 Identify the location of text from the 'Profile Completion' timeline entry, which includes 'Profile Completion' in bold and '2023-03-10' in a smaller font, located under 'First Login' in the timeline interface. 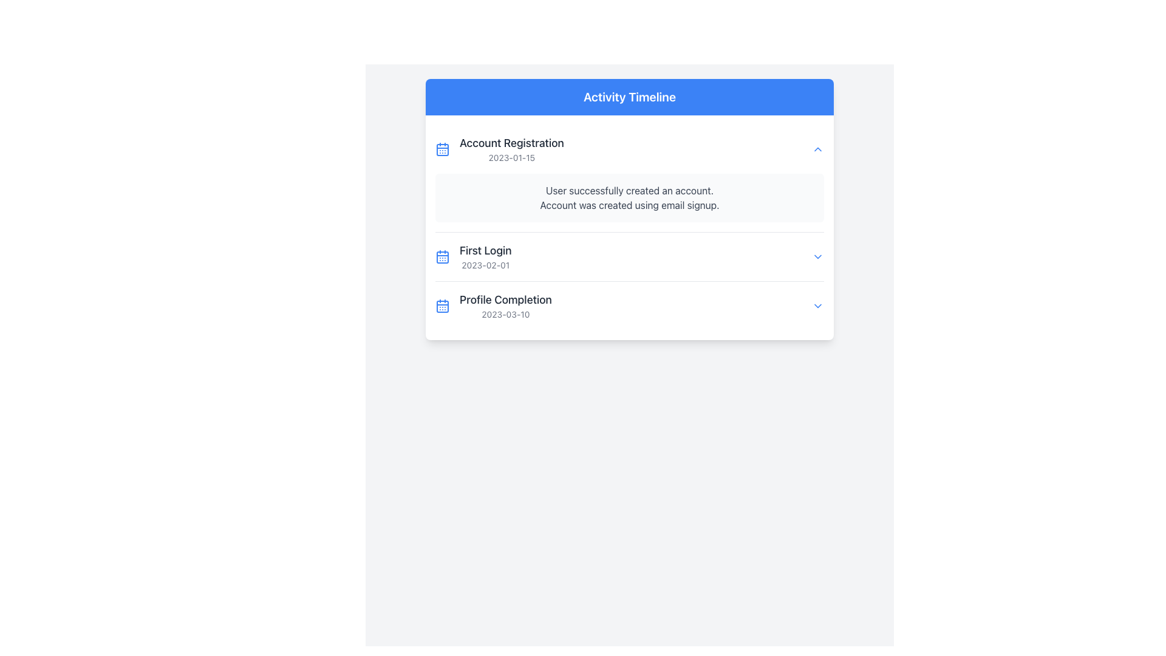
(505, 306).